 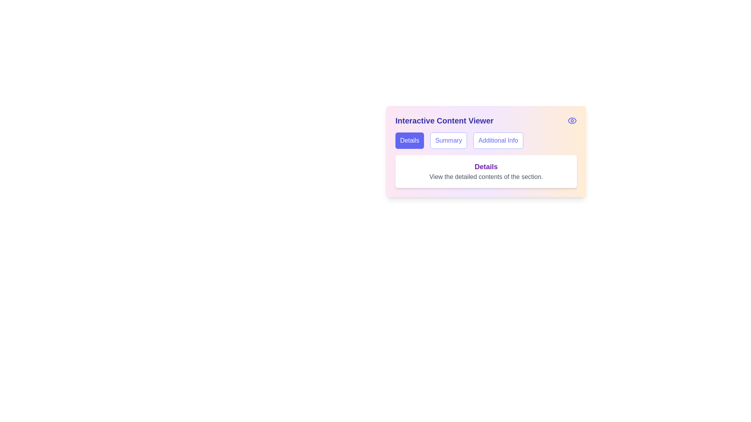 I want to click on the 'Additional Info' button, so click(x=498, y=140).